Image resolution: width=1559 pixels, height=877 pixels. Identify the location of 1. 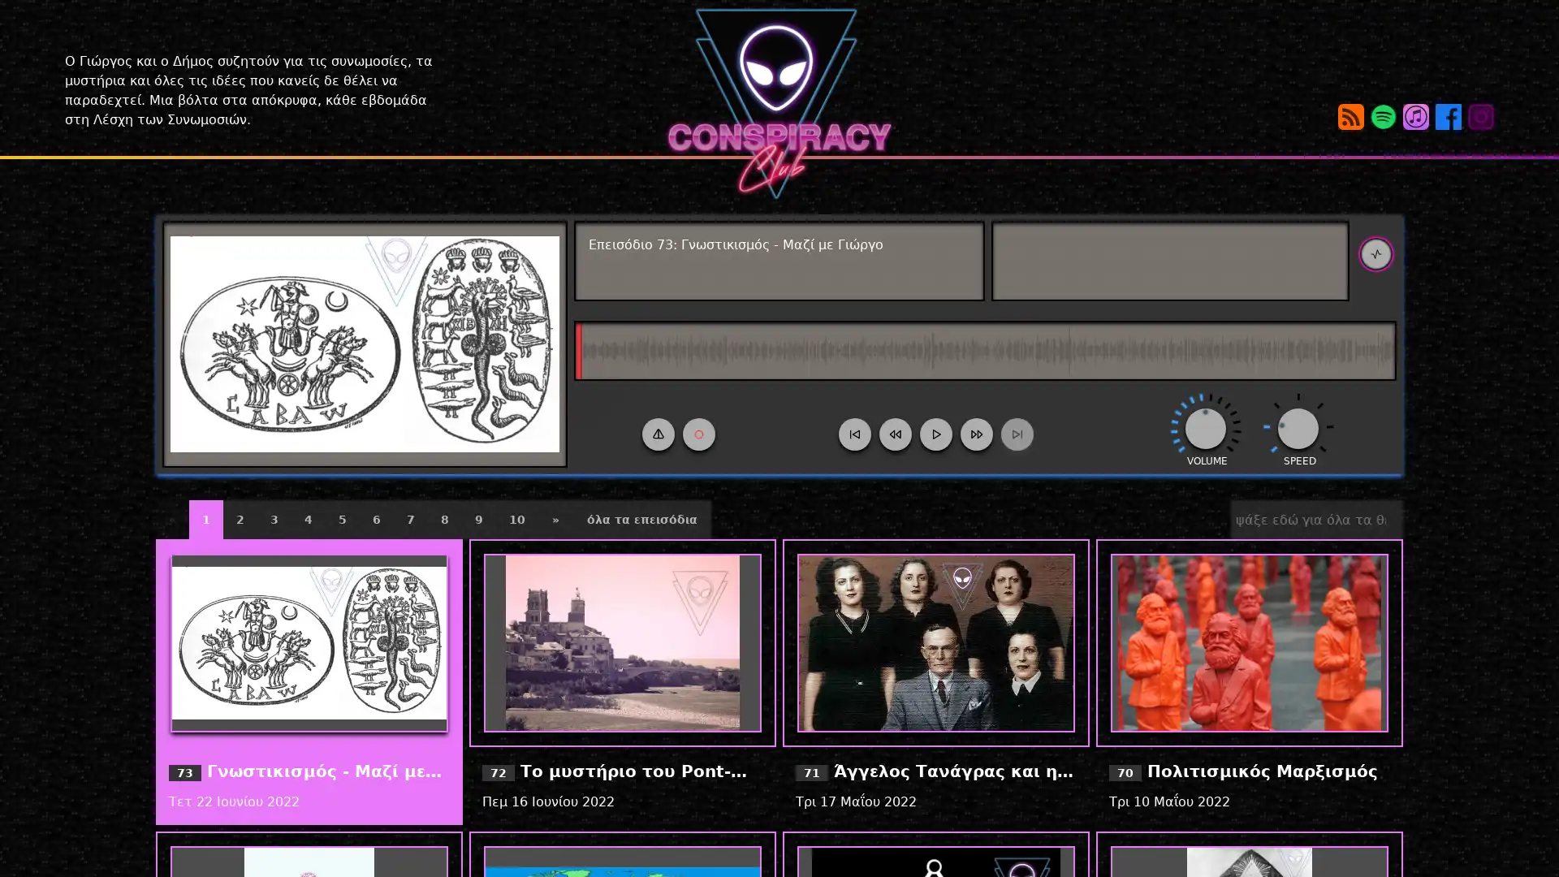
(205, 520).